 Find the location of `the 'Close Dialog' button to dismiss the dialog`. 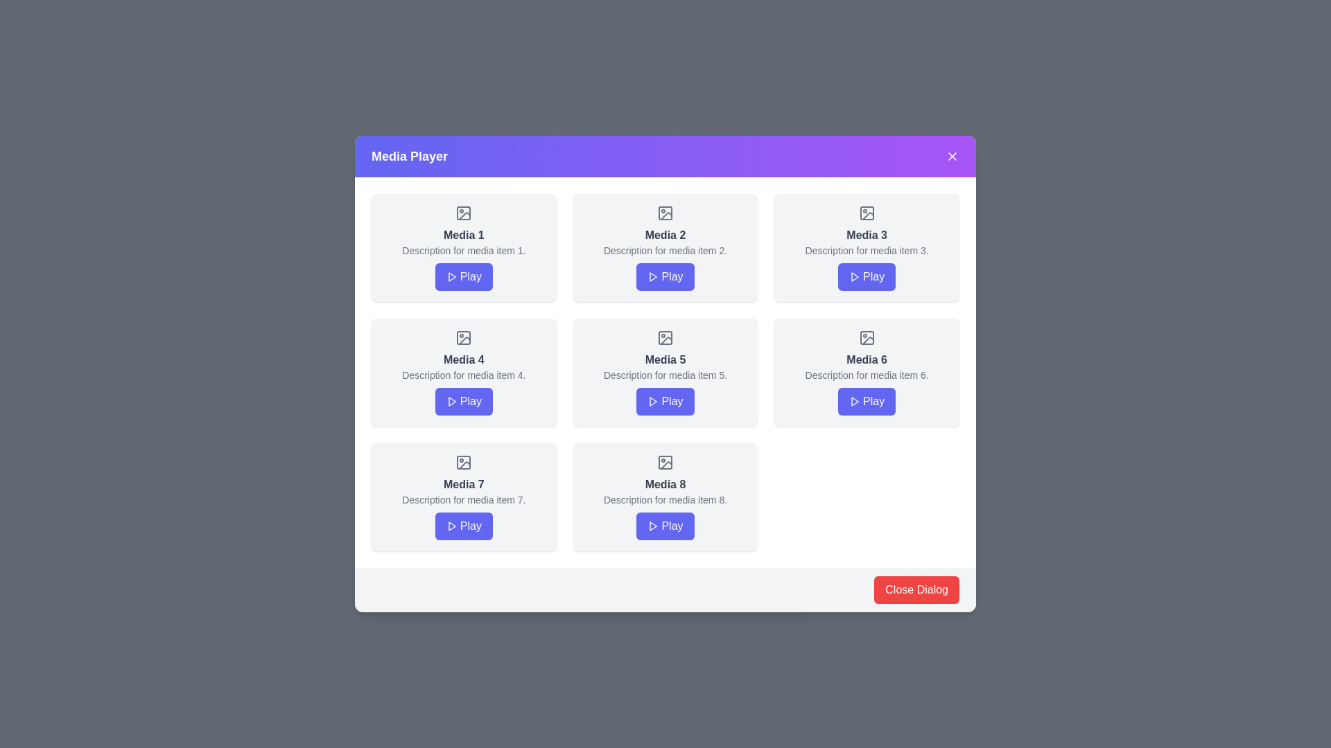

the 'Close Dialog' button to dismiss the dialog is located at coordinates (916, 590).